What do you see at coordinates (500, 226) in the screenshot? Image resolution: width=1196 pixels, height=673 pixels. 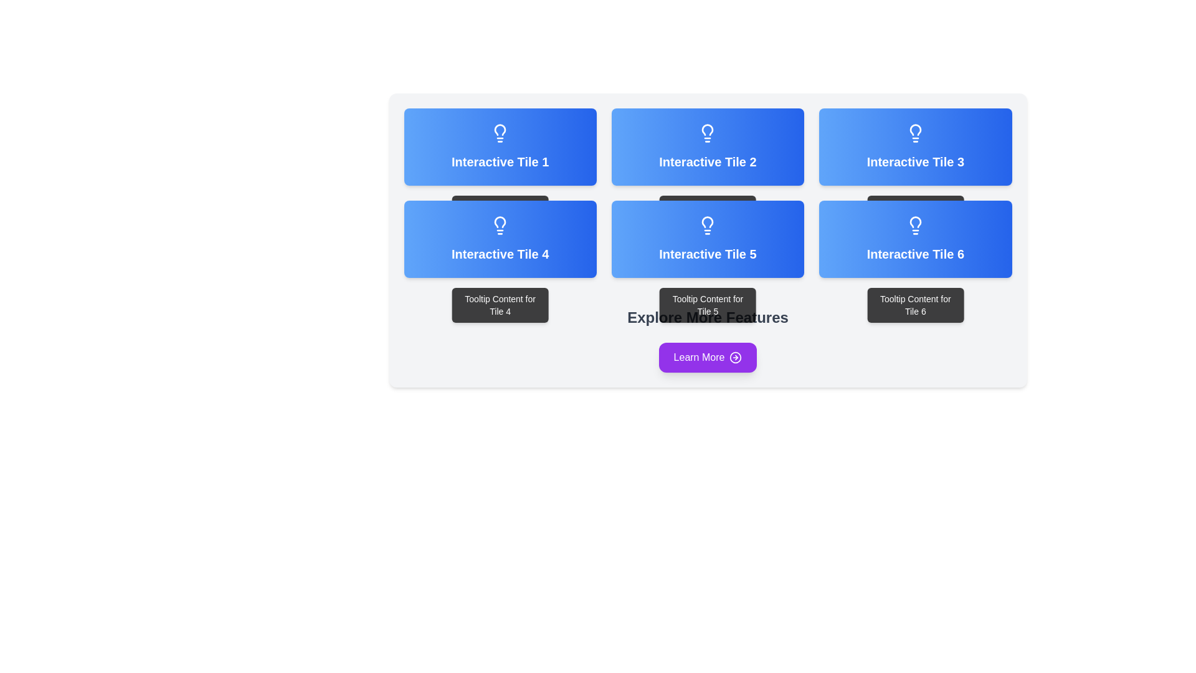 I see `the lightbulb icon located in the top portion of 'Interactive Tile 4', which is in the second row, first column of the tile grid` at bounding box center [500, 226].